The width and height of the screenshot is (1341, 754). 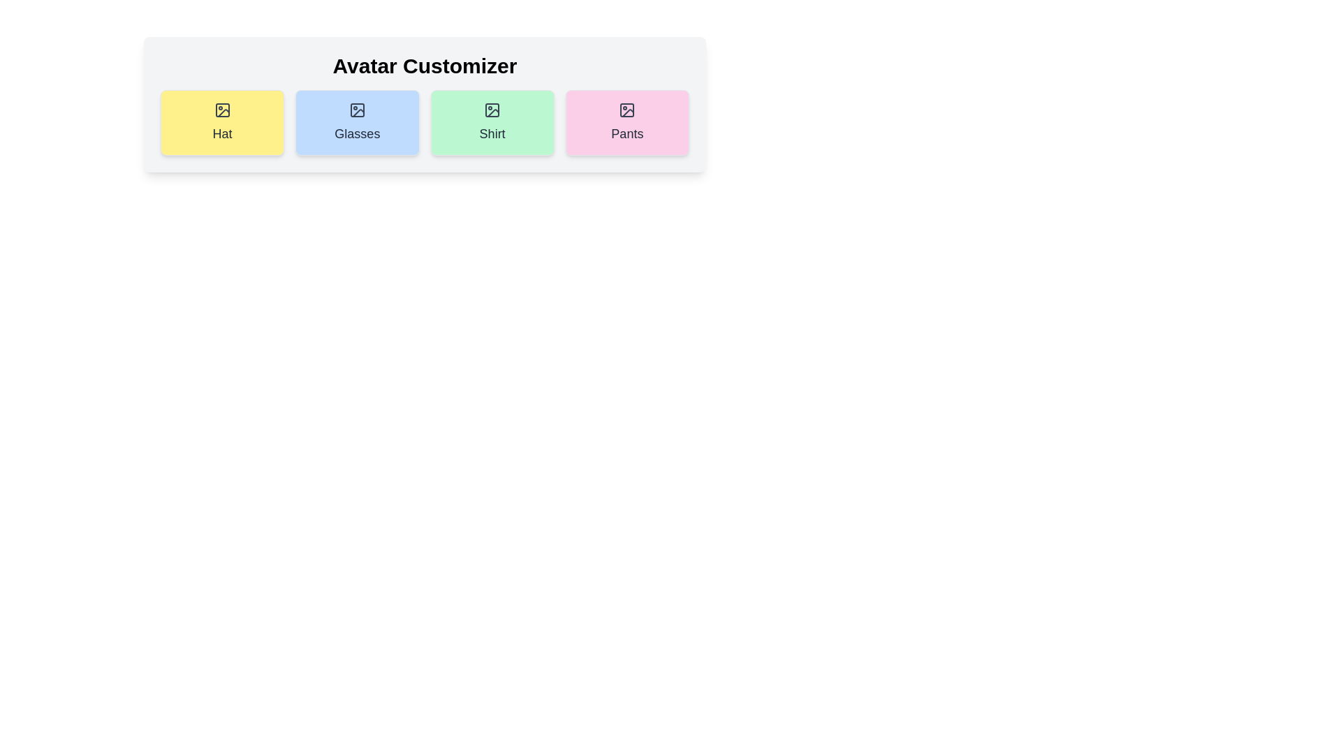 What do you see at coordinates (357, 122) in the screenshot?
I see `the 'Glasses' option in the Avatar Customizer section` at bounding box center [357, 122].